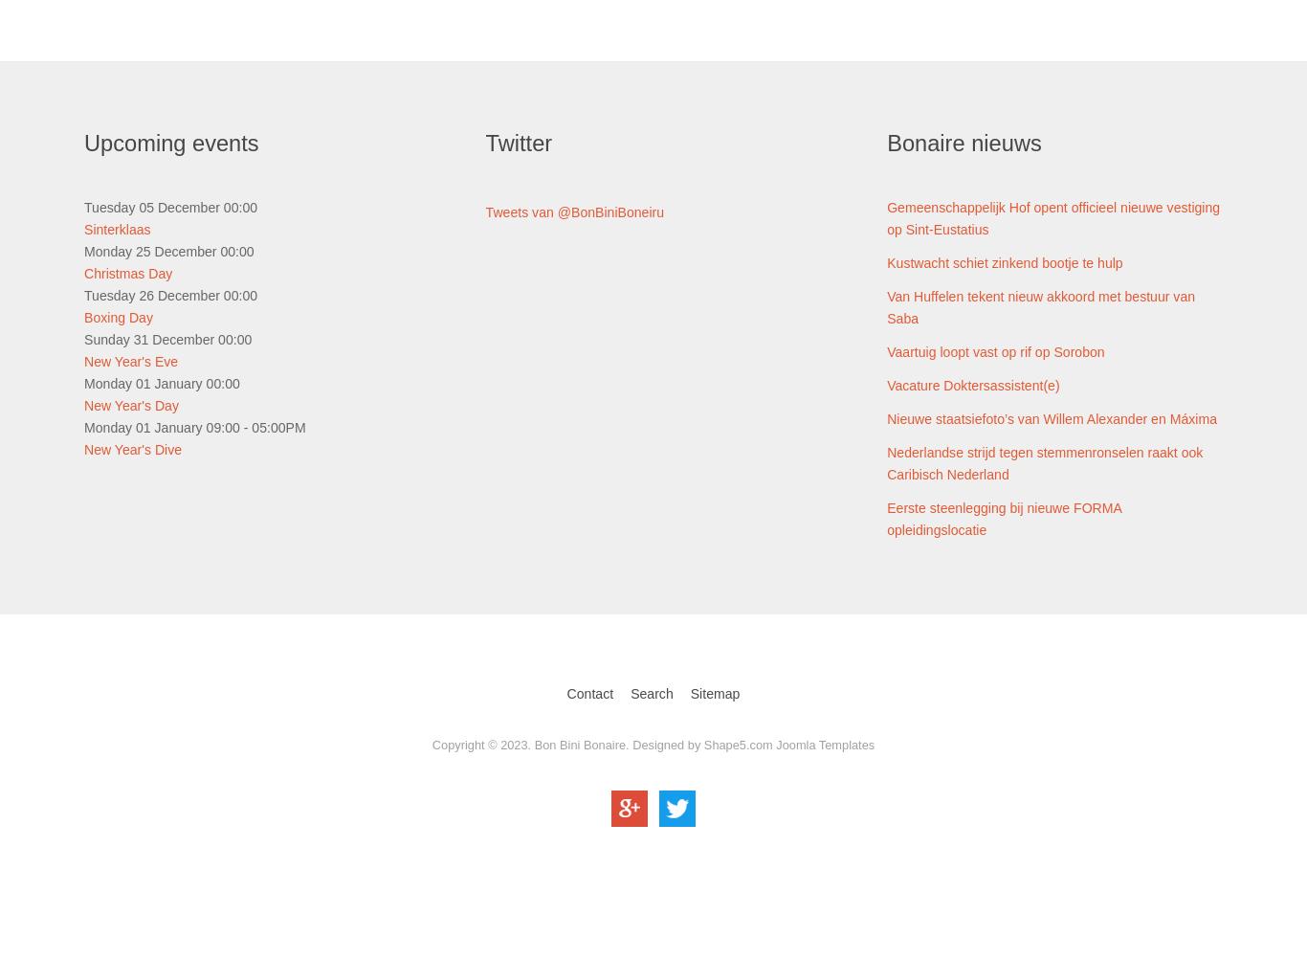  I want to click on 'Bonaire', so click(886, 143).